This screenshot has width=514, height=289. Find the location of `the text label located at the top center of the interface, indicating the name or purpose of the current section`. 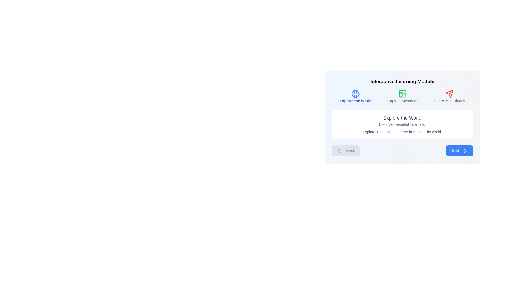

the text label located at the top center of the interface, indicating the name or purpose of the current section is located at coordinates (402, 81).